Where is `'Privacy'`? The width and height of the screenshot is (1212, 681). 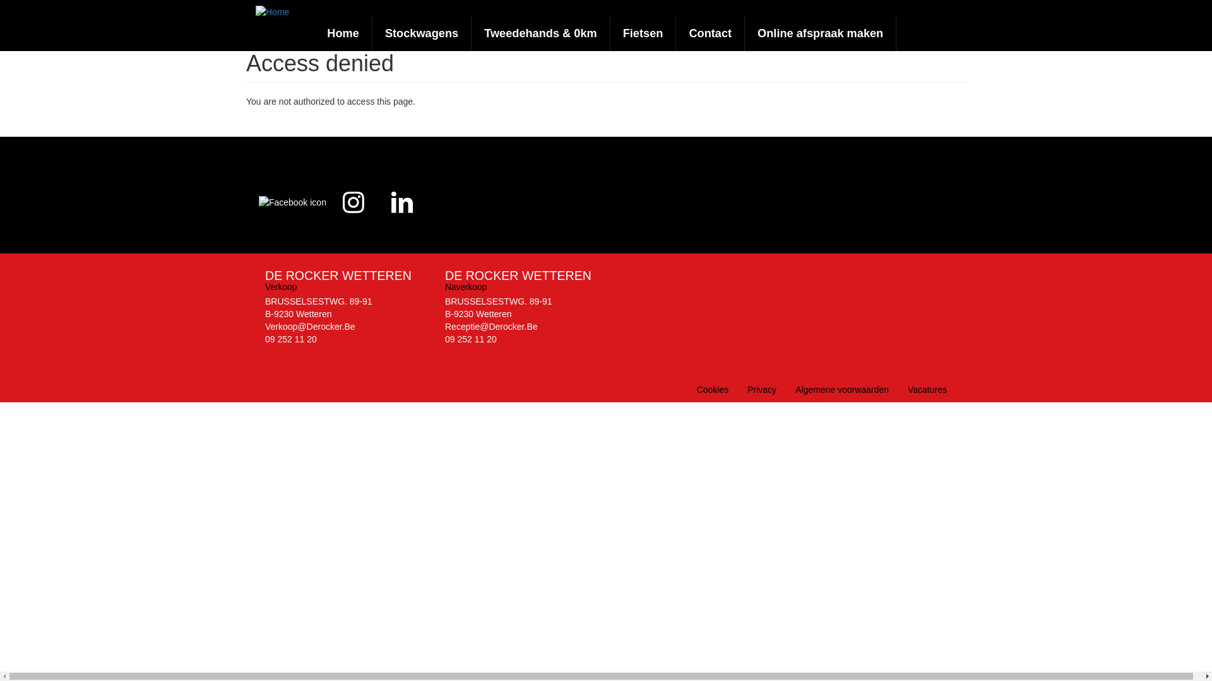 'Privacy' is located at coordinates (761, 388).